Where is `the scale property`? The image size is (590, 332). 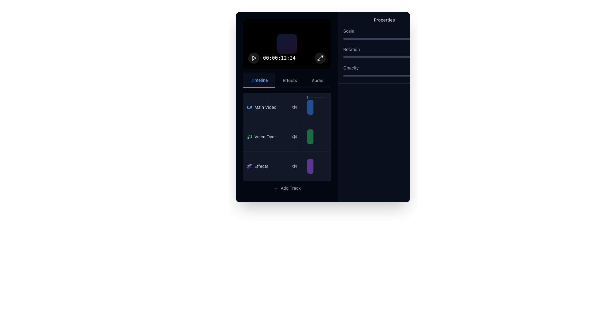 the scale property is located at coordinates (370, 39).